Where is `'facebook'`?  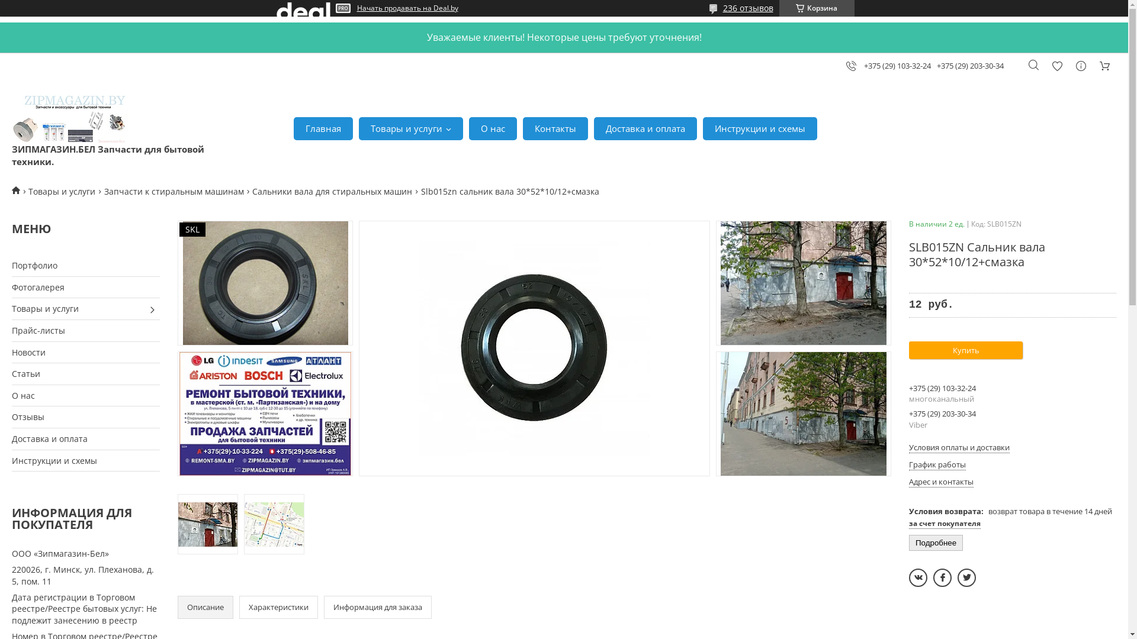 'facebook' is located at coordinates (942, 577).